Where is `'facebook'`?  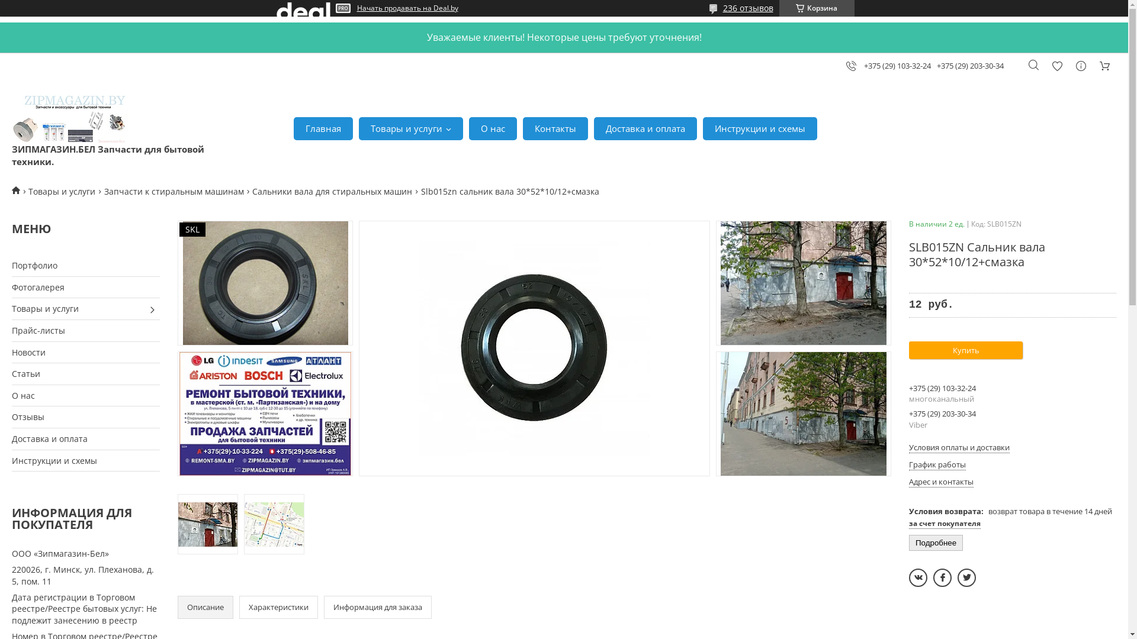 'facebook' is located at coordinates (942, 577).